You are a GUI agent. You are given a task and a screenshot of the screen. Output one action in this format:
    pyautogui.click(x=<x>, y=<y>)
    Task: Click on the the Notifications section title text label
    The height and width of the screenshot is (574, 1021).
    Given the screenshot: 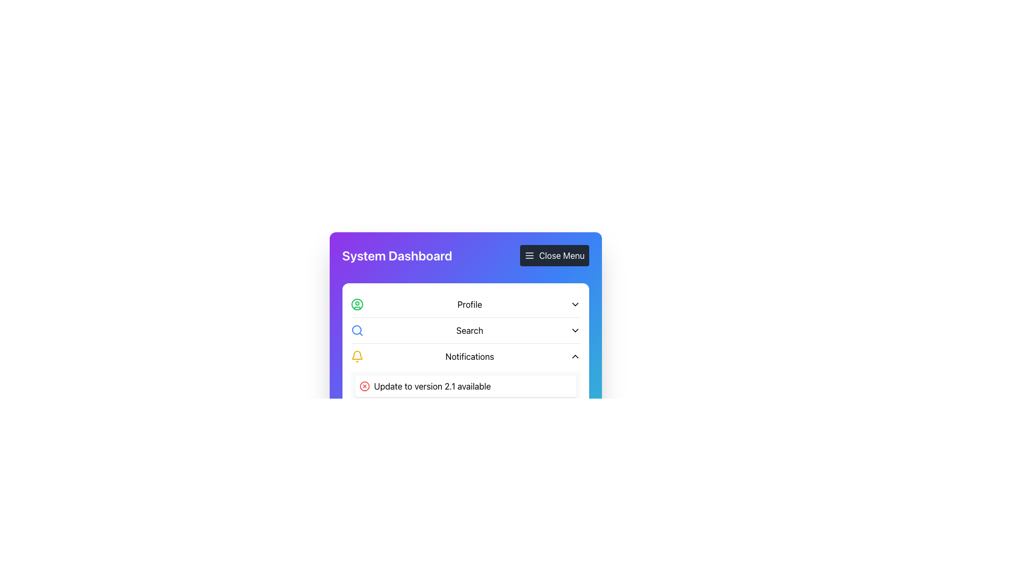 What is the action you would take?
    pyautogui.click(x=469, y=357)
    